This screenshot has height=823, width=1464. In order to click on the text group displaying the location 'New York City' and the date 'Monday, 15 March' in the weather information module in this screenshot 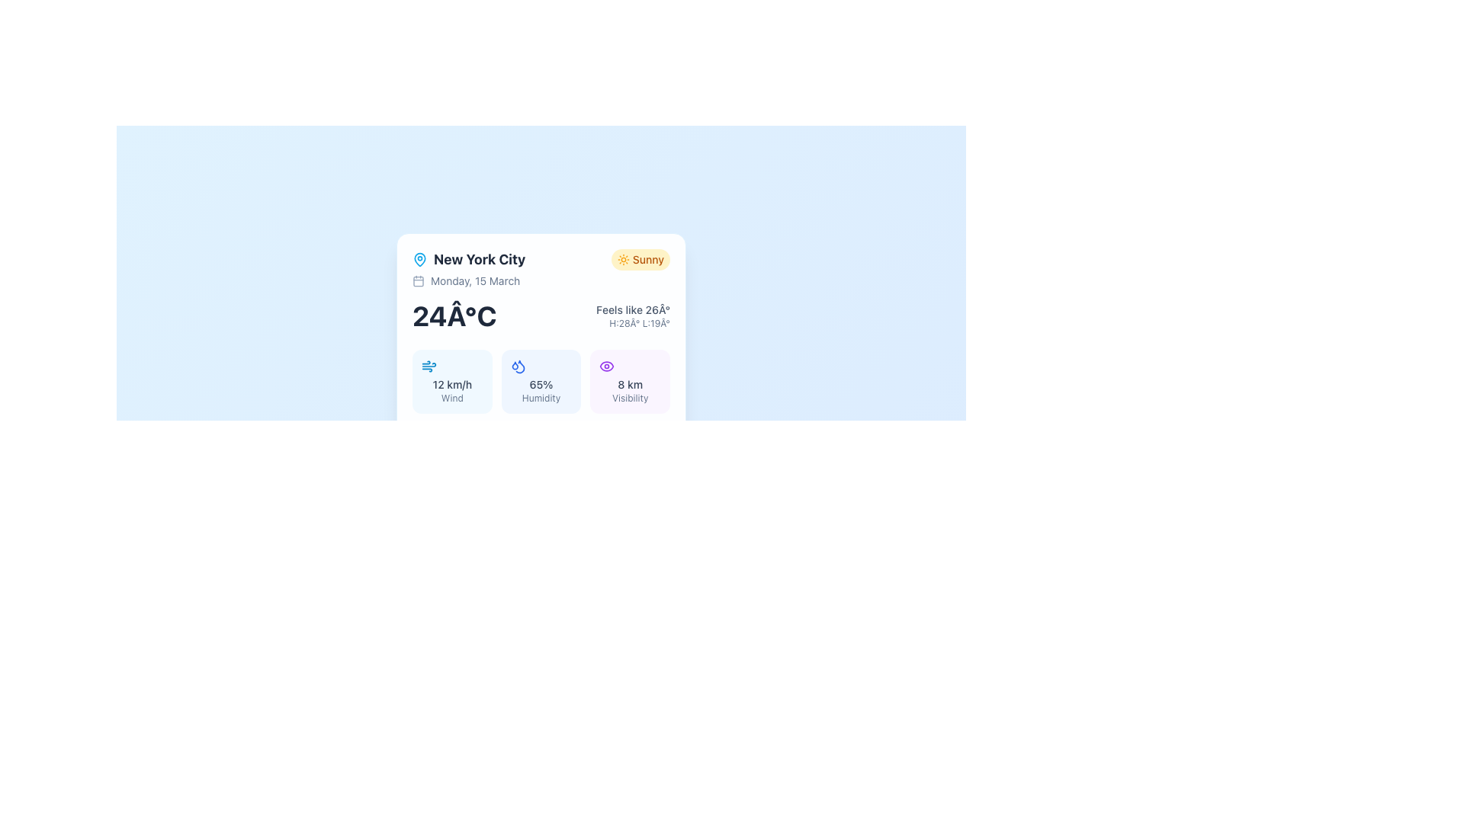, I will do `click(468, 268)`.